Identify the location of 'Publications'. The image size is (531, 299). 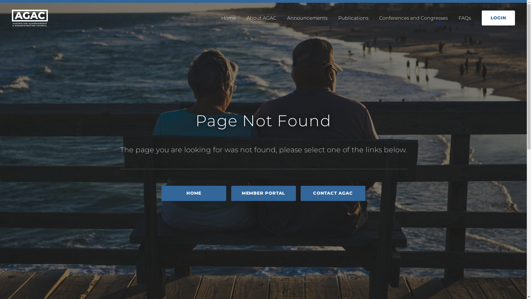
(353, 17).